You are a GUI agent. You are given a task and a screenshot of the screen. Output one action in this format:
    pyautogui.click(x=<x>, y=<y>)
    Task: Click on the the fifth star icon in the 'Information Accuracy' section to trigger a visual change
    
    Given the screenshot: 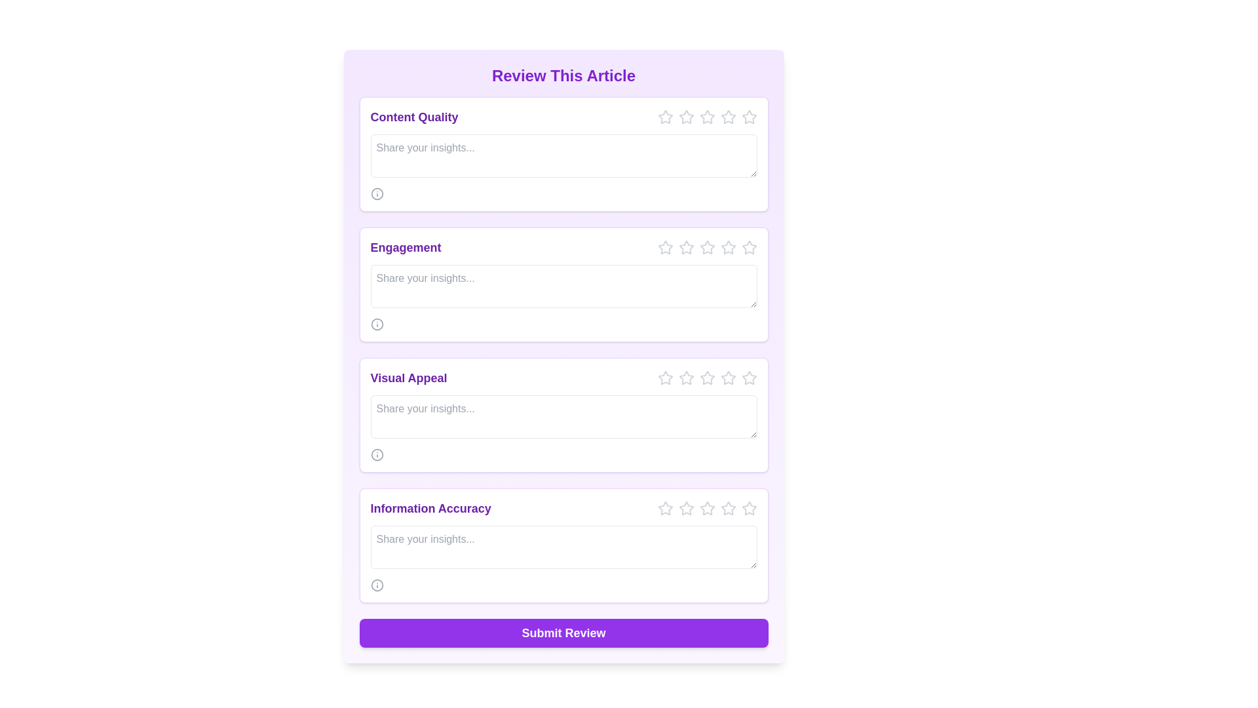 What is the action you would take?
    pyautogui.click(x=706, y=507)
    